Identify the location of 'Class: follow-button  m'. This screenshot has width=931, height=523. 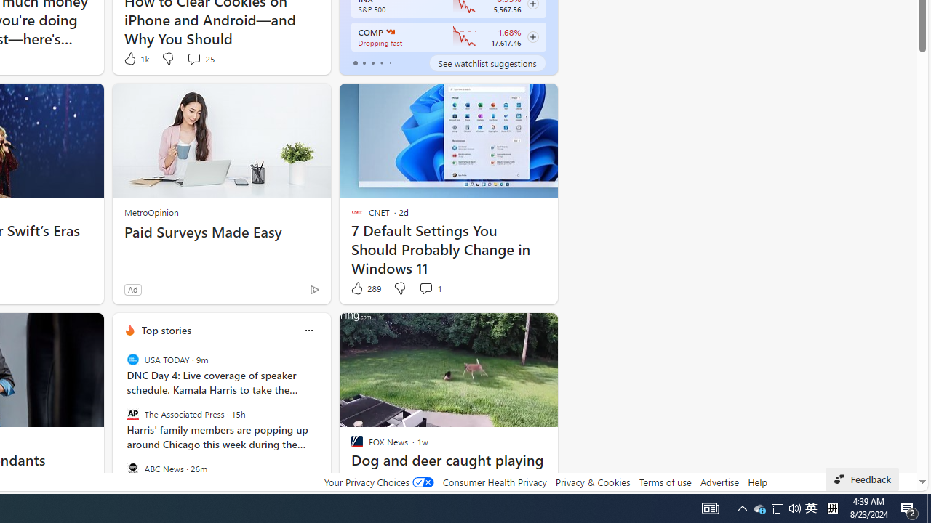
(532, 36).